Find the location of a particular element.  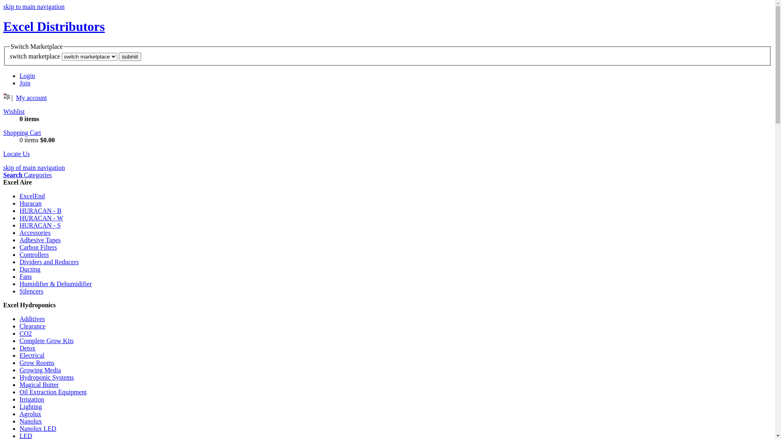

'HURACAN - B' is located at coordinates (40, 210).